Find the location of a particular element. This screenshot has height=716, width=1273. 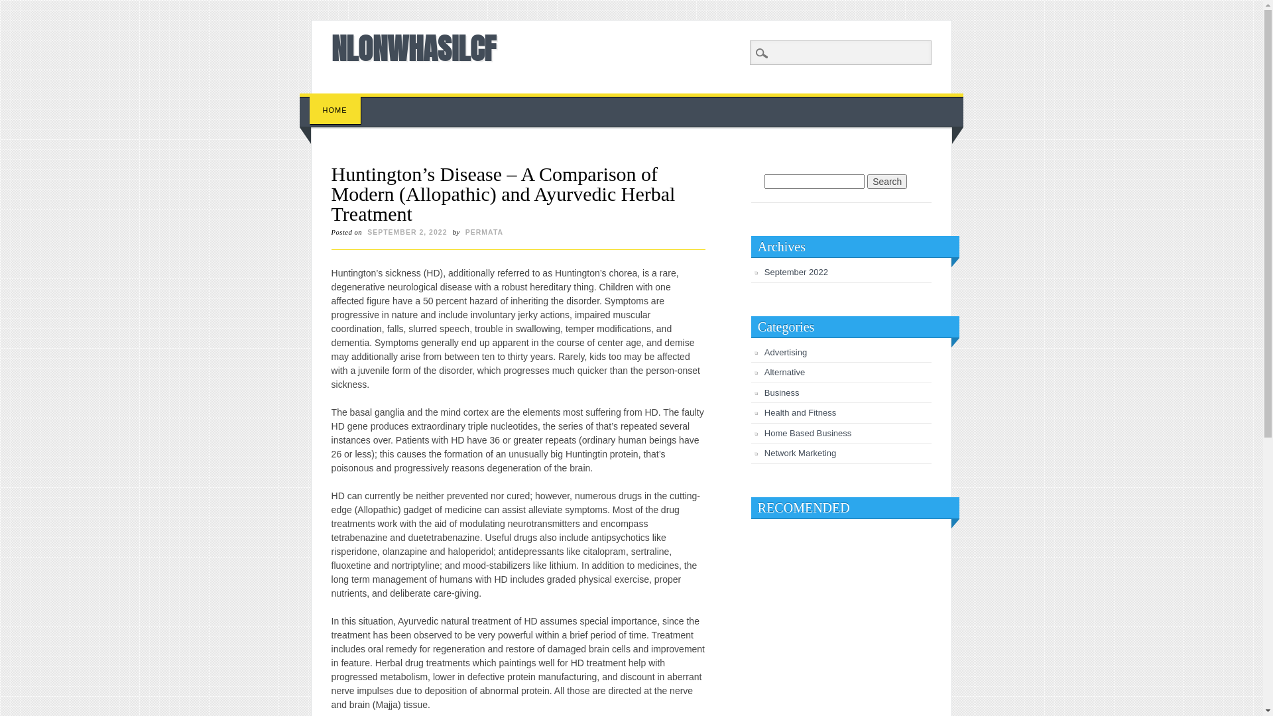

'PERMATA' is located at coordinates (483, 231).